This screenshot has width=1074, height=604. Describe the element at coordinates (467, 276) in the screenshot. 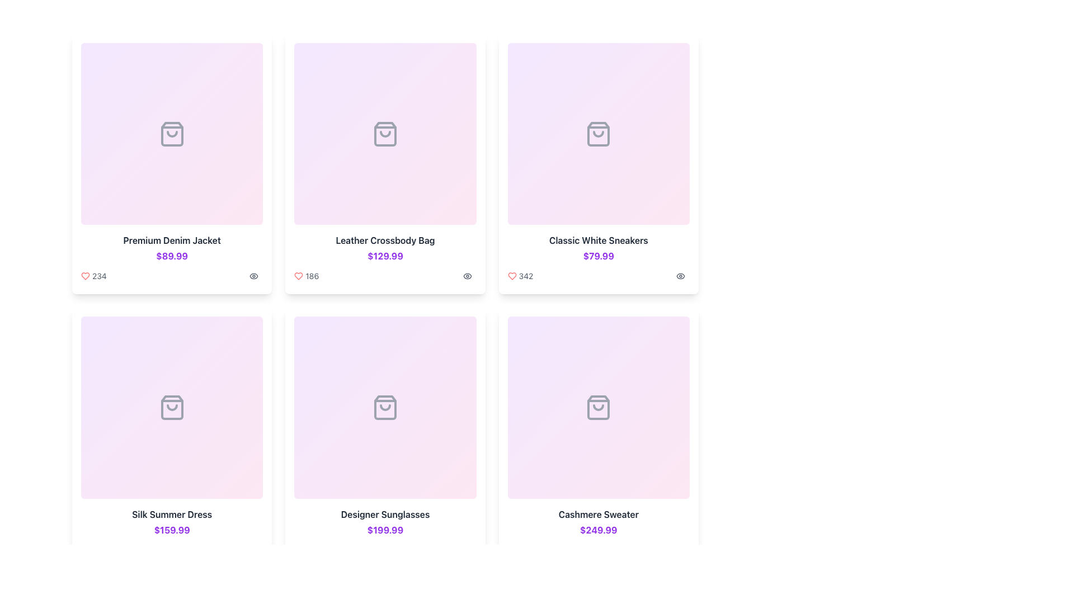

I see `the eye-shaped SVG icon located in the bottom-right corner of the product card` at that location.